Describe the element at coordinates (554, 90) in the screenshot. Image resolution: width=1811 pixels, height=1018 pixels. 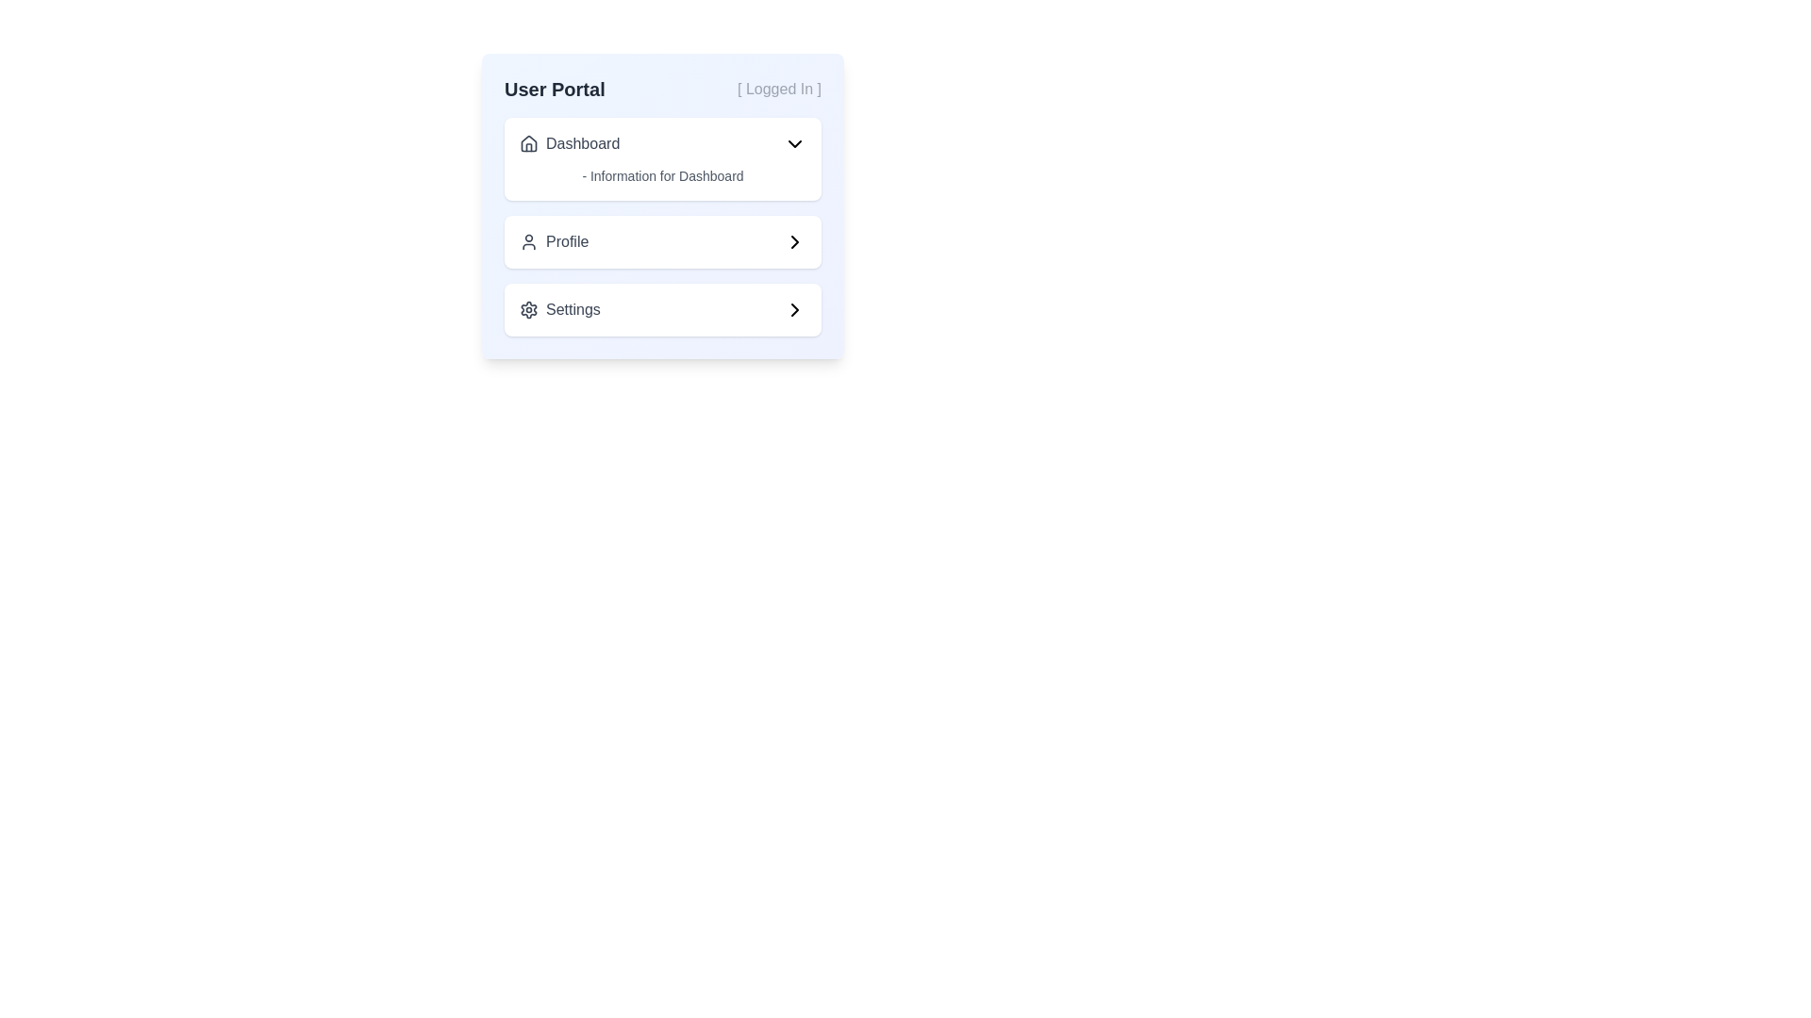
I see `the static text element that serves as the title or header for the portal, positioned at the top-left corner relative to the '[ Logged In ]' text` at that location.